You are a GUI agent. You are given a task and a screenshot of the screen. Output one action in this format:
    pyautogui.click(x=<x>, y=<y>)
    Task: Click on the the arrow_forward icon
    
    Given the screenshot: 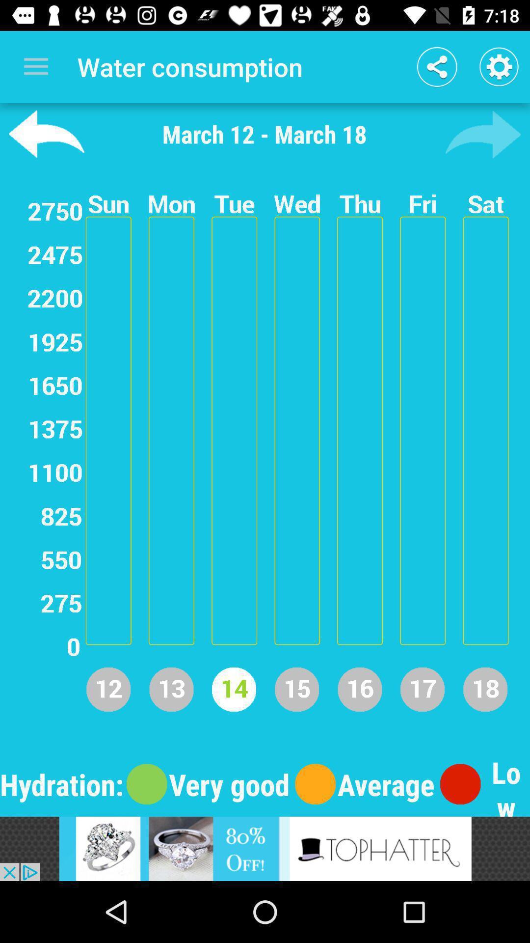 What is the action you would take?
    pyautogui.click(x=482, y=134)
    